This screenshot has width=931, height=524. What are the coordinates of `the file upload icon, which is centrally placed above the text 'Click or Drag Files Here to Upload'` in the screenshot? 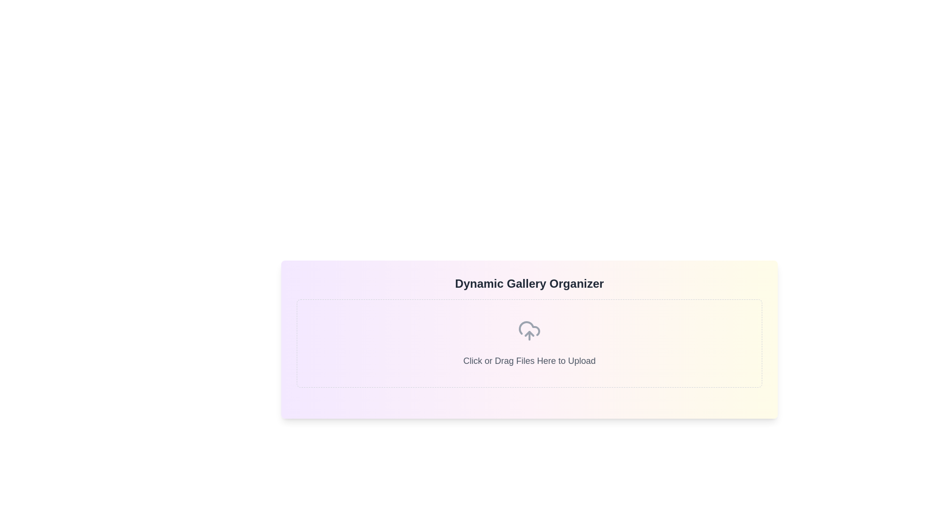 It's located at (529, 330).